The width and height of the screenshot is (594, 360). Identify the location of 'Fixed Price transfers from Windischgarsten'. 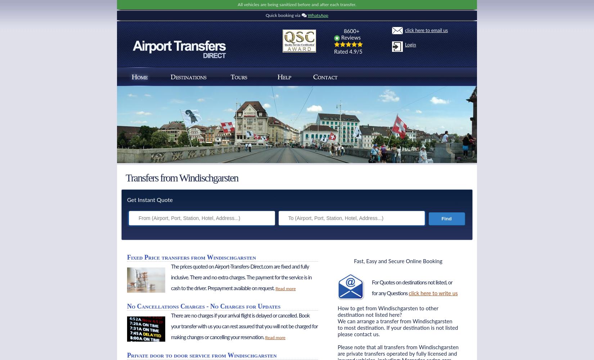
(191, 257).